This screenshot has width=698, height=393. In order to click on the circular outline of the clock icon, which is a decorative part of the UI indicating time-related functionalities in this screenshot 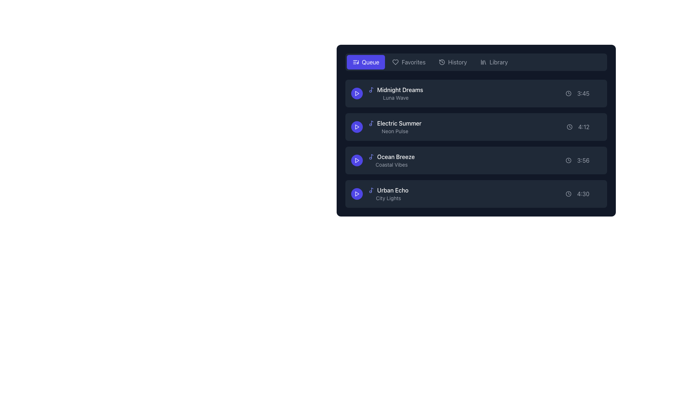, I will do `click(568, 93)`.